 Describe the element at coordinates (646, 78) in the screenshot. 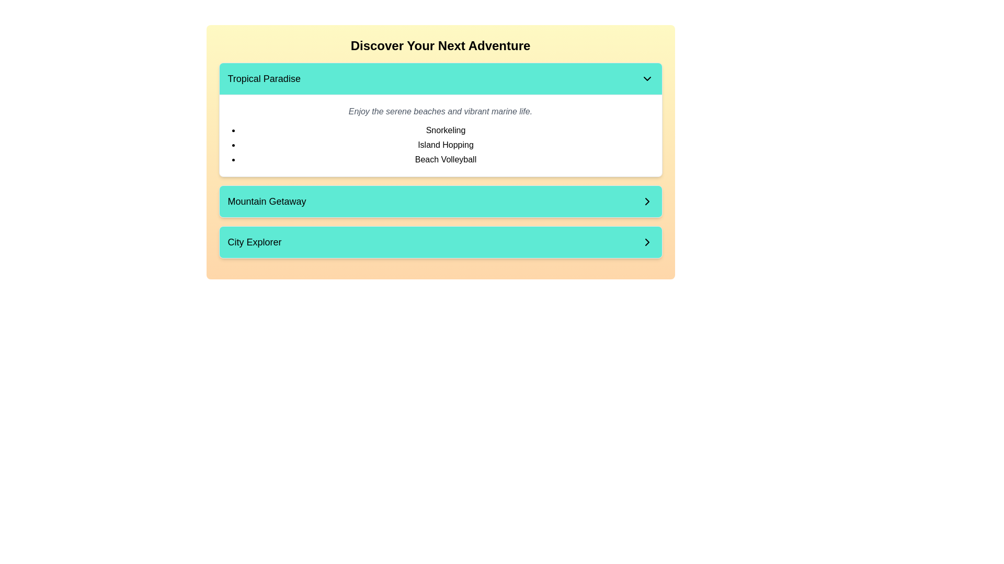

I see `the downward-pointing chevron icon located at the far-right end of the 'Tropical Paradise' section header` at that location.